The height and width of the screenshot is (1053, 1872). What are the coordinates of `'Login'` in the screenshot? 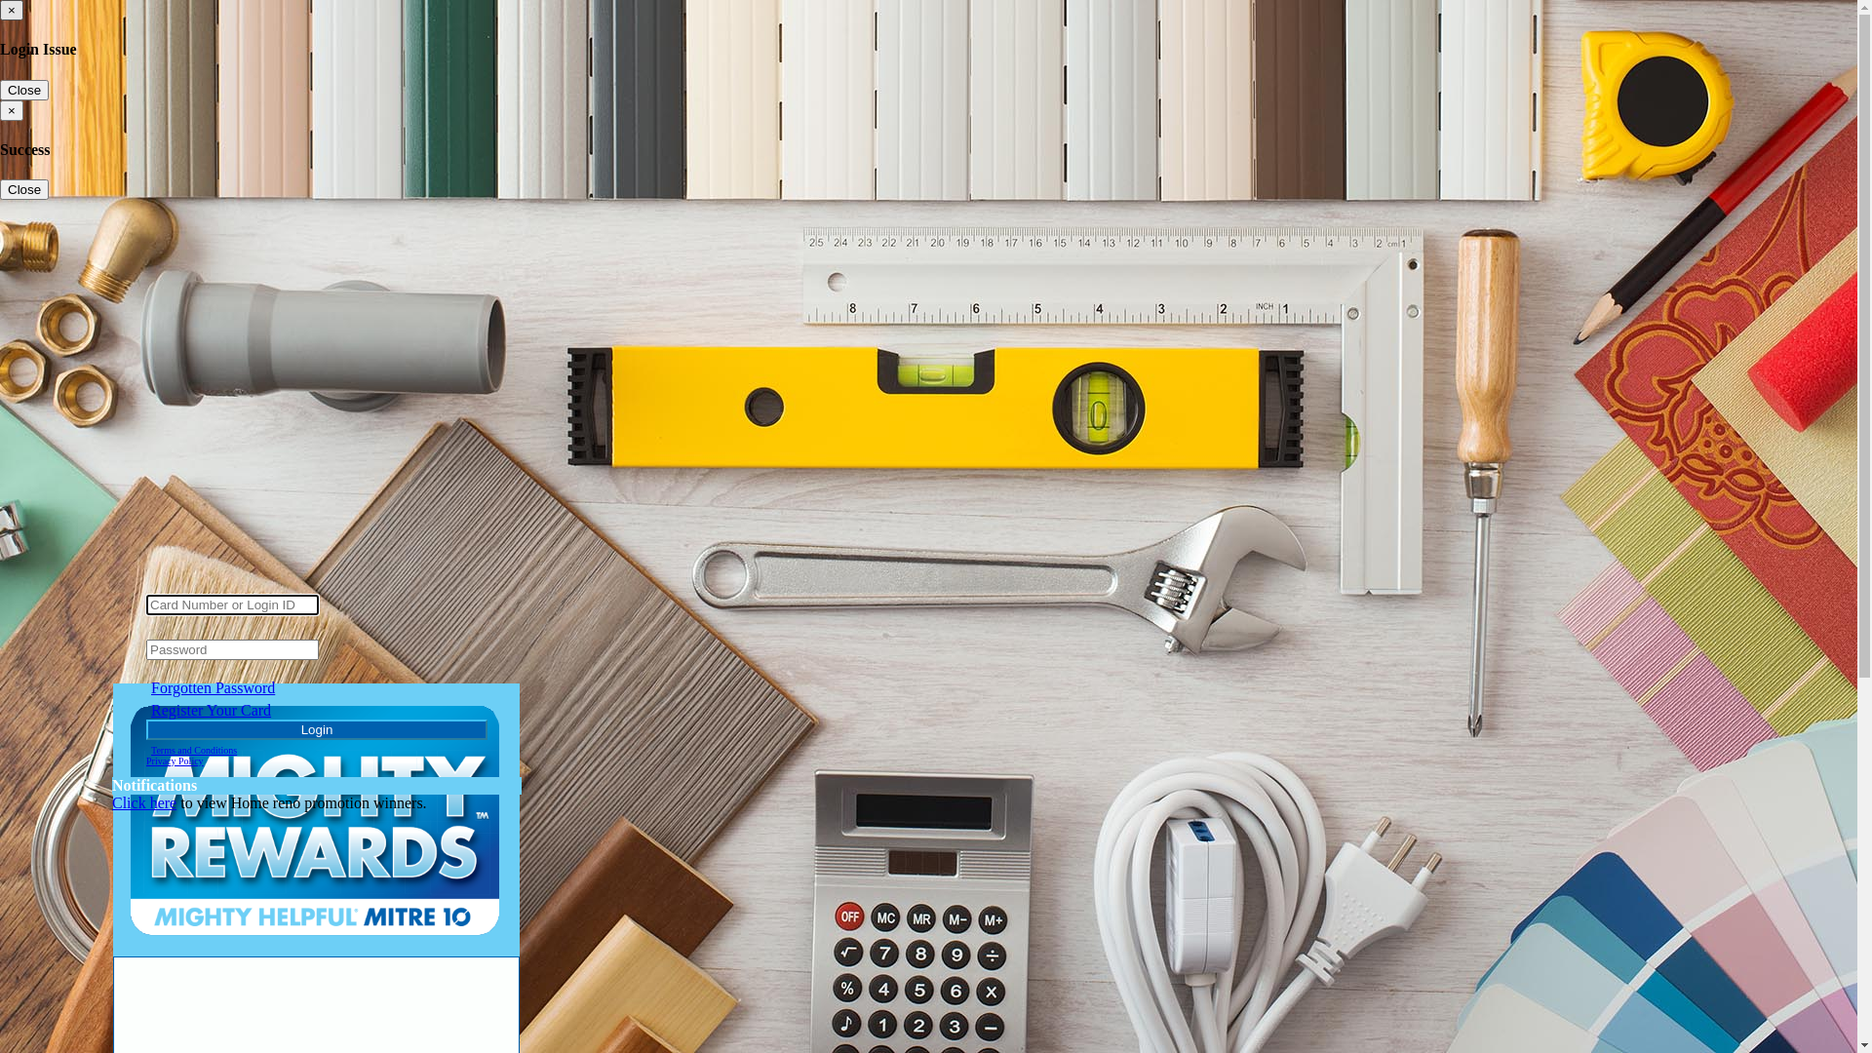 It's located at (144, 729).